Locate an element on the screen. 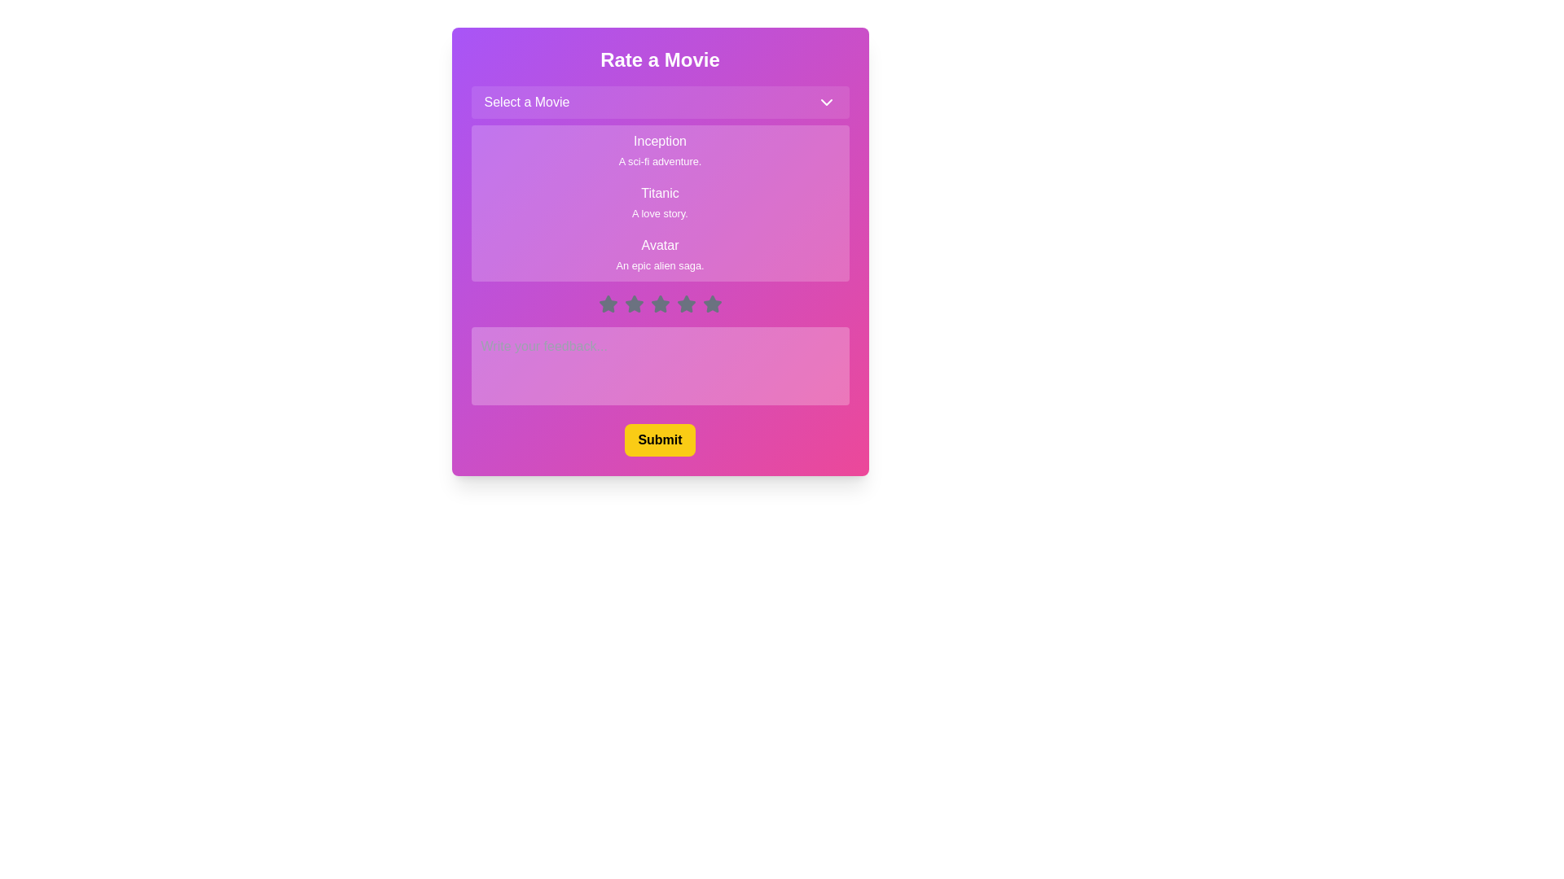  the label displaying 'Titanic' in white font within a vibrant purple rectangular area, located beneath the header 'Inception' and above 'Avatar' is located at coordinates (660, 193).